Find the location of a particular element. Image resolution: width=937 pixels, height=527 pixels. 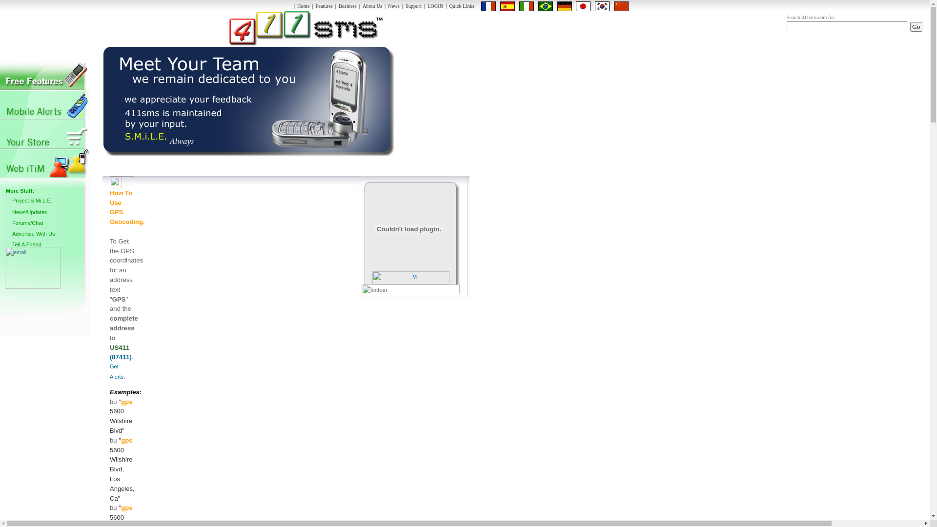

'Features' is located at coordinates (324, 5).